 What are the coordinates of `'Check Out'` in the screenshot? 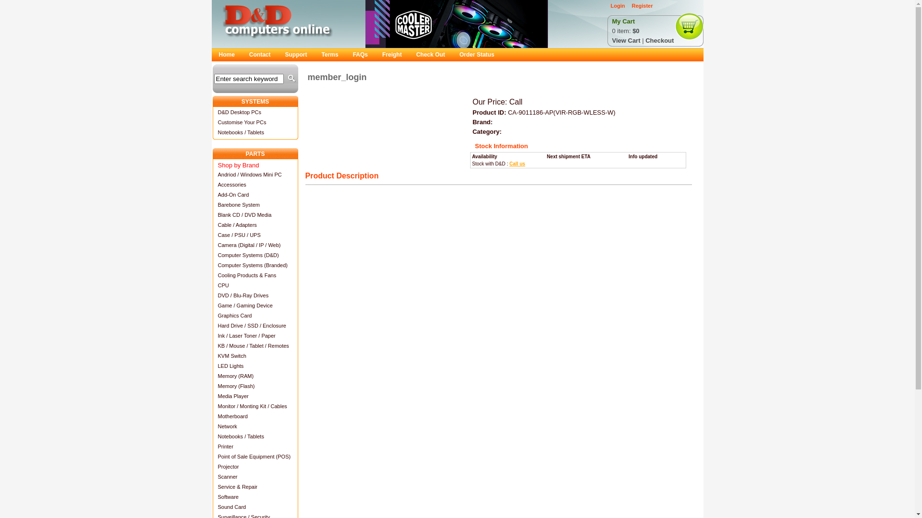 It's located at (430, 55).